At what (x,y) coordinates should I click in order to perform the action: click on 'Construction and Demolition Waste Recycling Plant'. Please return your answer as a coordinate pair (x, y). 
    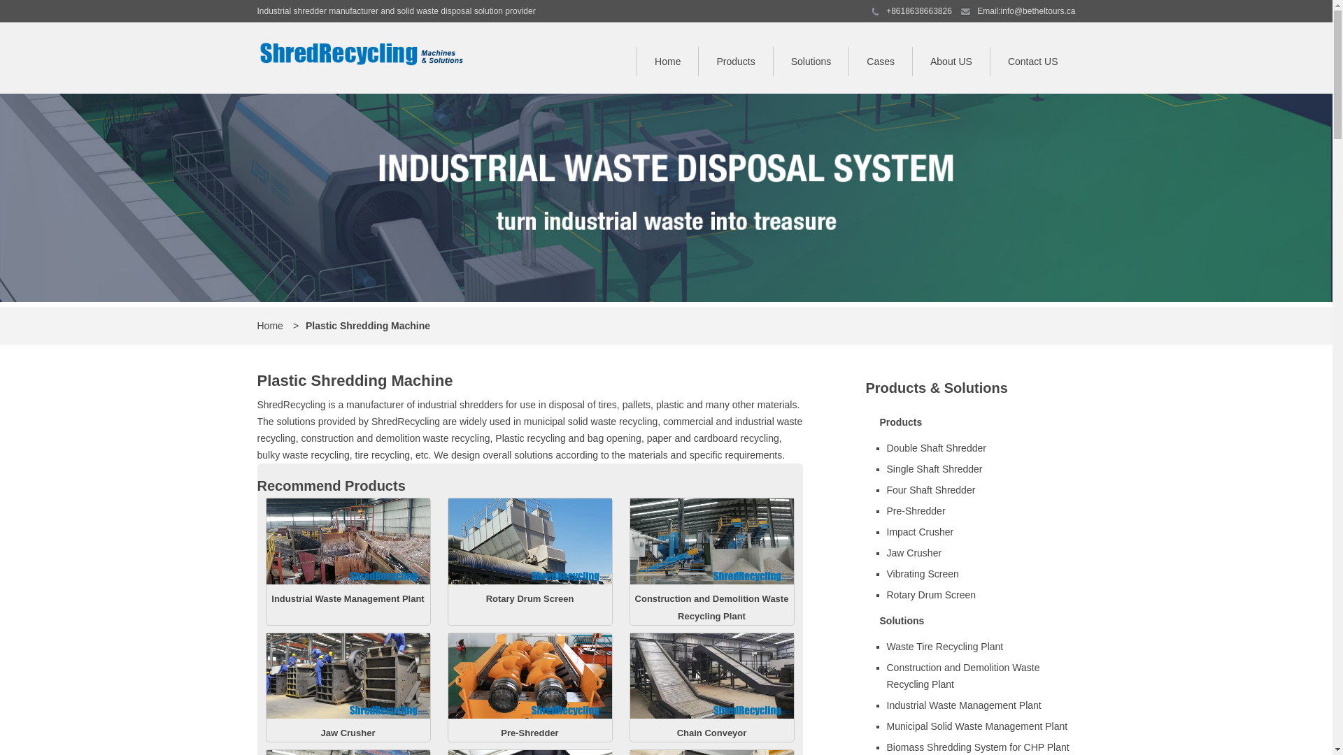
    Looking at the image, I should click on (629, 581).